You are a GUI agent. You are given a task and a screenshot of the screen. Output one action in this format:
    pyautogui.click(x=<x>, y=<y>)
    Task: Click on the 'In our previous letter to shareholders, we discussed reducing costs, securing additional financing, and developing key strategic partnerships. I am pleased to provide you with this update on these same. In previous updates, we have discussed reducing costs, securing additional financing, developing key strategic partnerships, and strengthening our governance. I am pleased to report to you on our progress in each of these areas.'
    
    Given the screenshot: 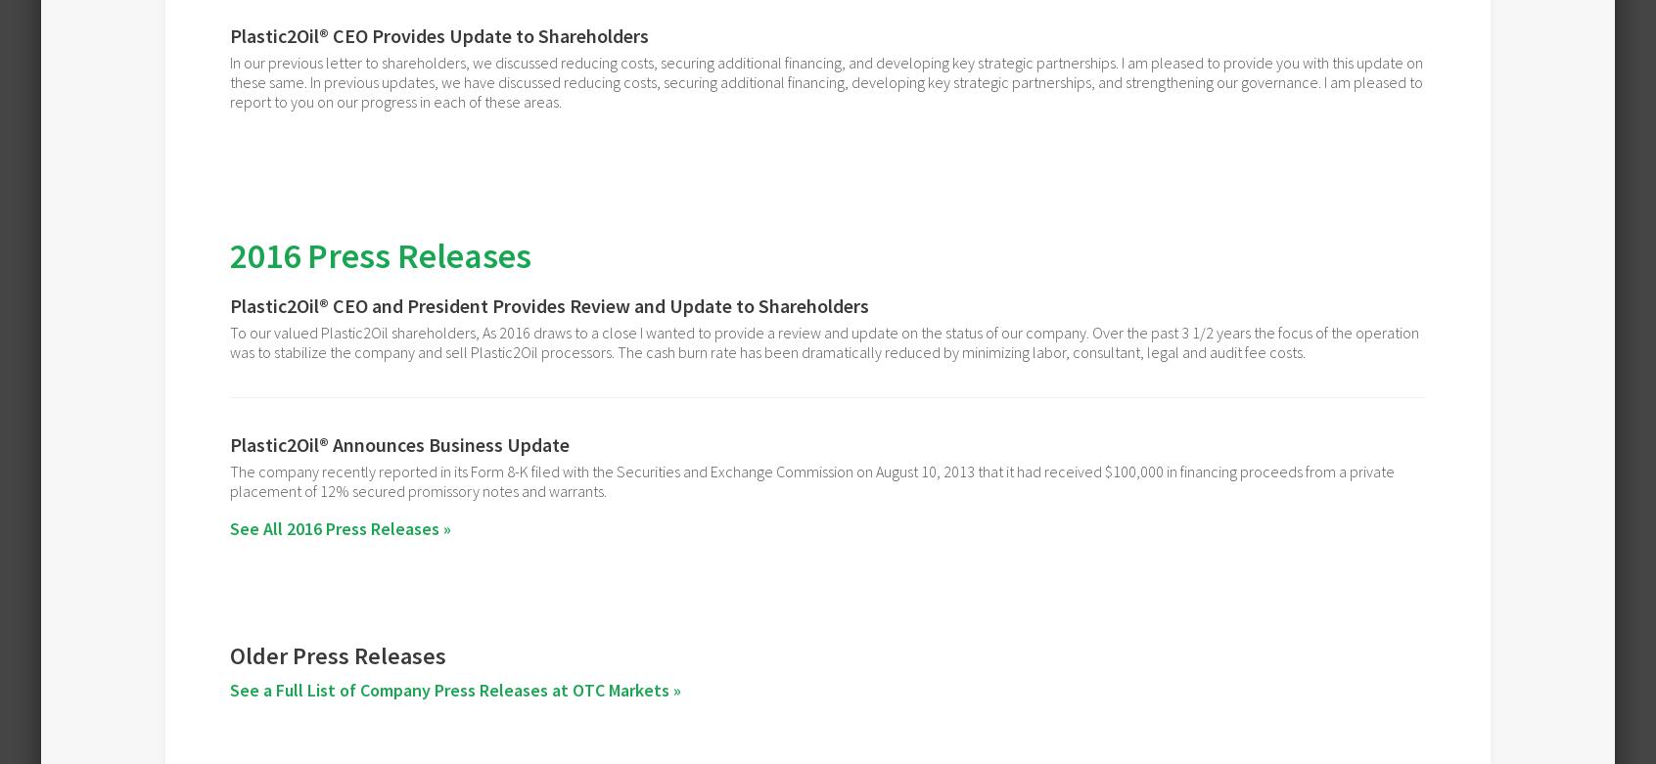 What is the action you would take?
    pyautogui.click(x=230, y=81)
    